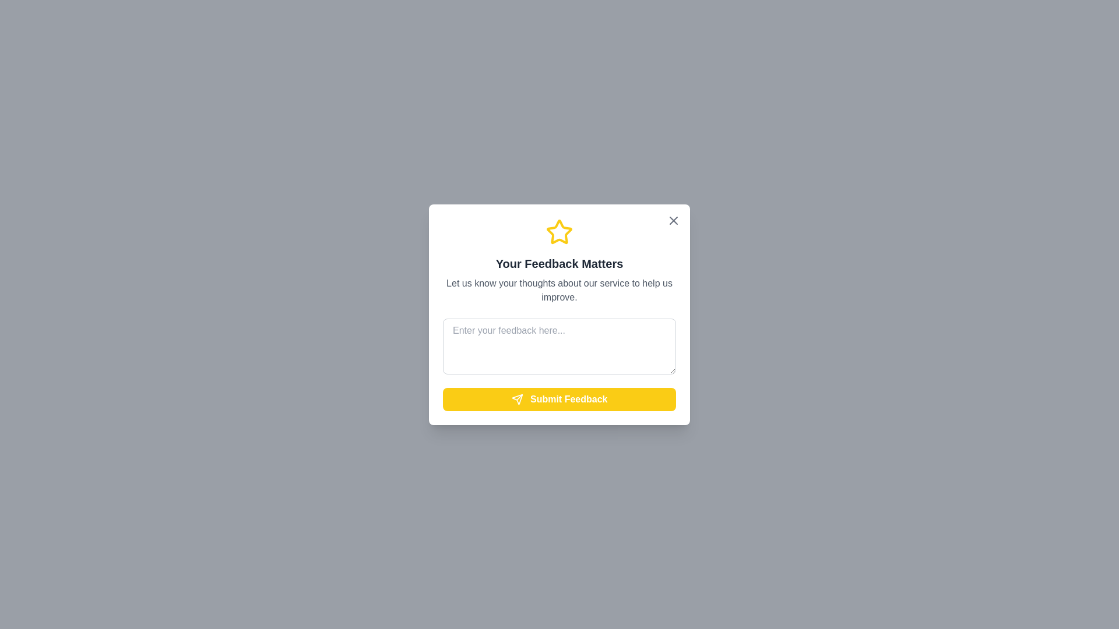 This screenshot has height=629, width=1119. Describe the element at coordinates (559, 232) in the screenshot. I see `the decorative star icon to view it` at that location.